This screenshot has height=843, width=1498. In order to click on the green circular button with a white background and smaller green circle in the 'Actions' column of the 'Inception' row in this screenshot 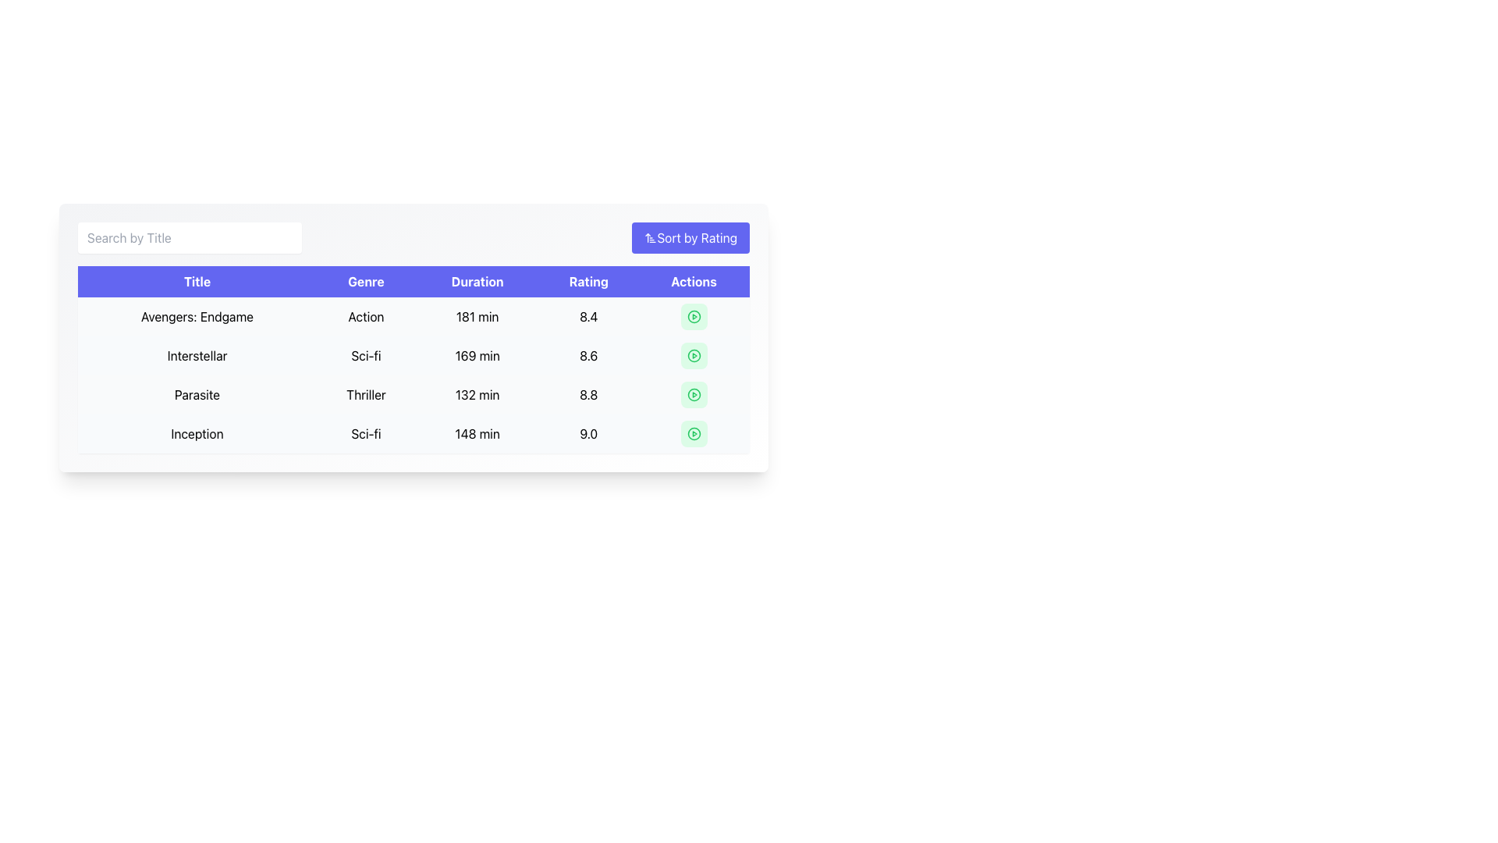, I will do `click(693, 433)`.